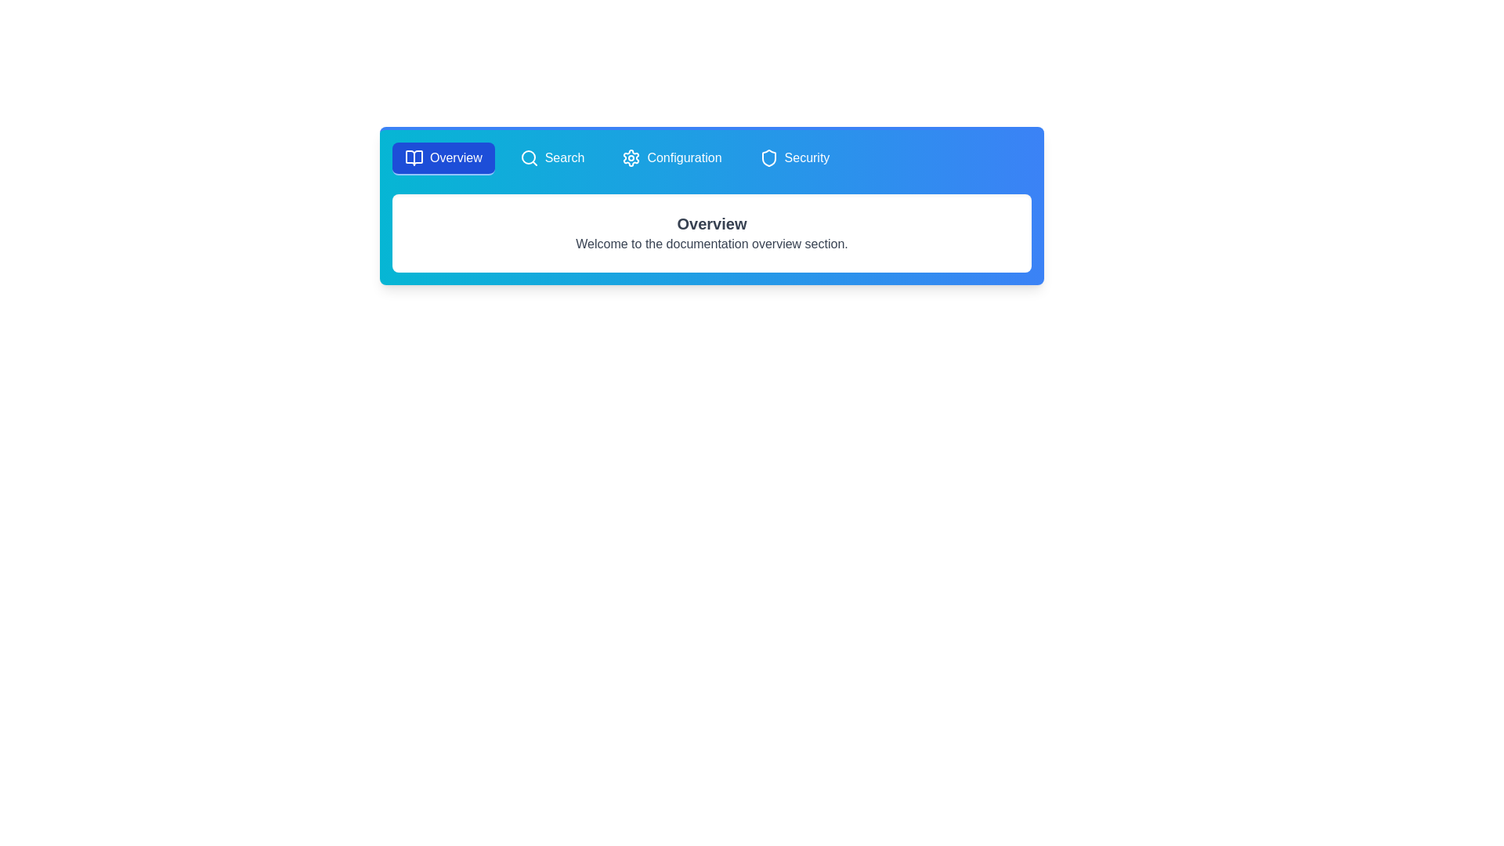 Image resolution: width=1504 pixels, height=846 pixels. Describe the element at coordinates (768, 157) in the screenshot. I see `the 'Security' navigation icon located in the top-right corner of the navigation bar, positioned to the left of the text 'Security'` at that location.